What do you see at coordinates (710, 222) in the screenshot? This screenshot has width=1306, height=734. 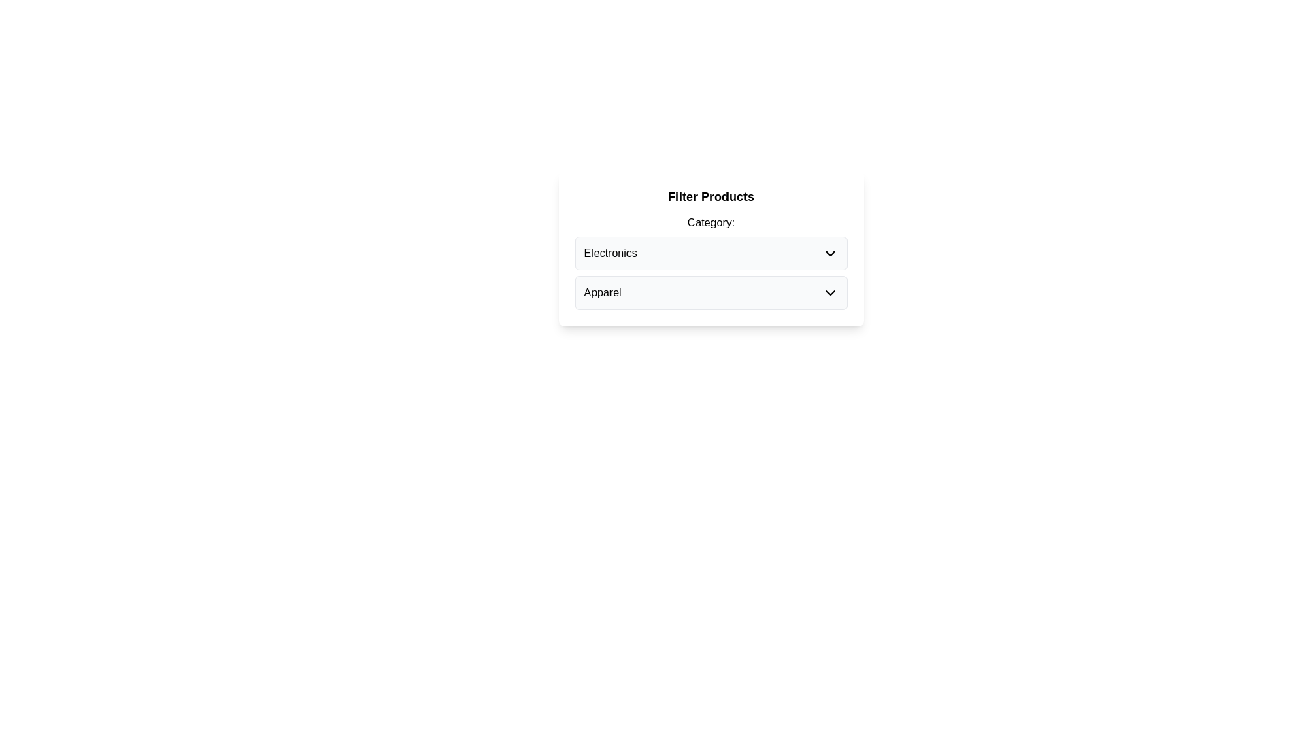 I see `the text label displaying 'Category:', which is located below the 'Filter Products' heading and above the list of categories` at bounding box center [710, 222].